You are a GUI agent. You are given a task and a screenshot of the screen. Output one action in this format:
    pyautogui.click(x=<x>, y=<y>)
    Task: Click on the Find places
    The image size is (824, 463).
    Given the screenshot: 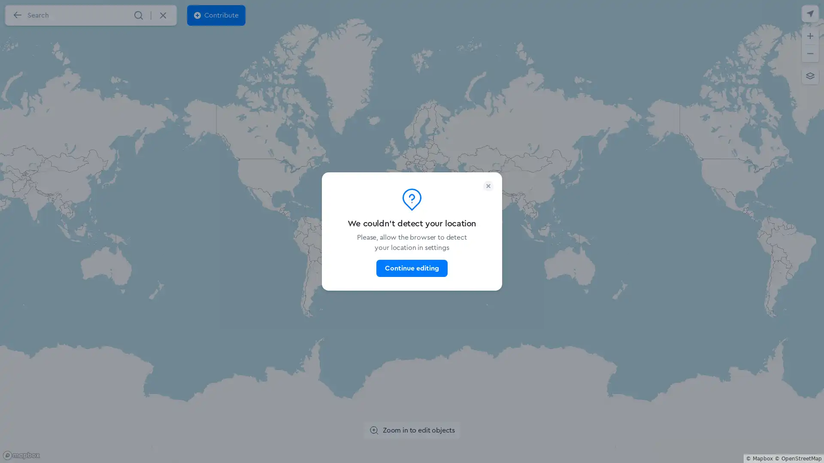 What is the action you would take?
    pyautogui.click(x=138, y=15)
    